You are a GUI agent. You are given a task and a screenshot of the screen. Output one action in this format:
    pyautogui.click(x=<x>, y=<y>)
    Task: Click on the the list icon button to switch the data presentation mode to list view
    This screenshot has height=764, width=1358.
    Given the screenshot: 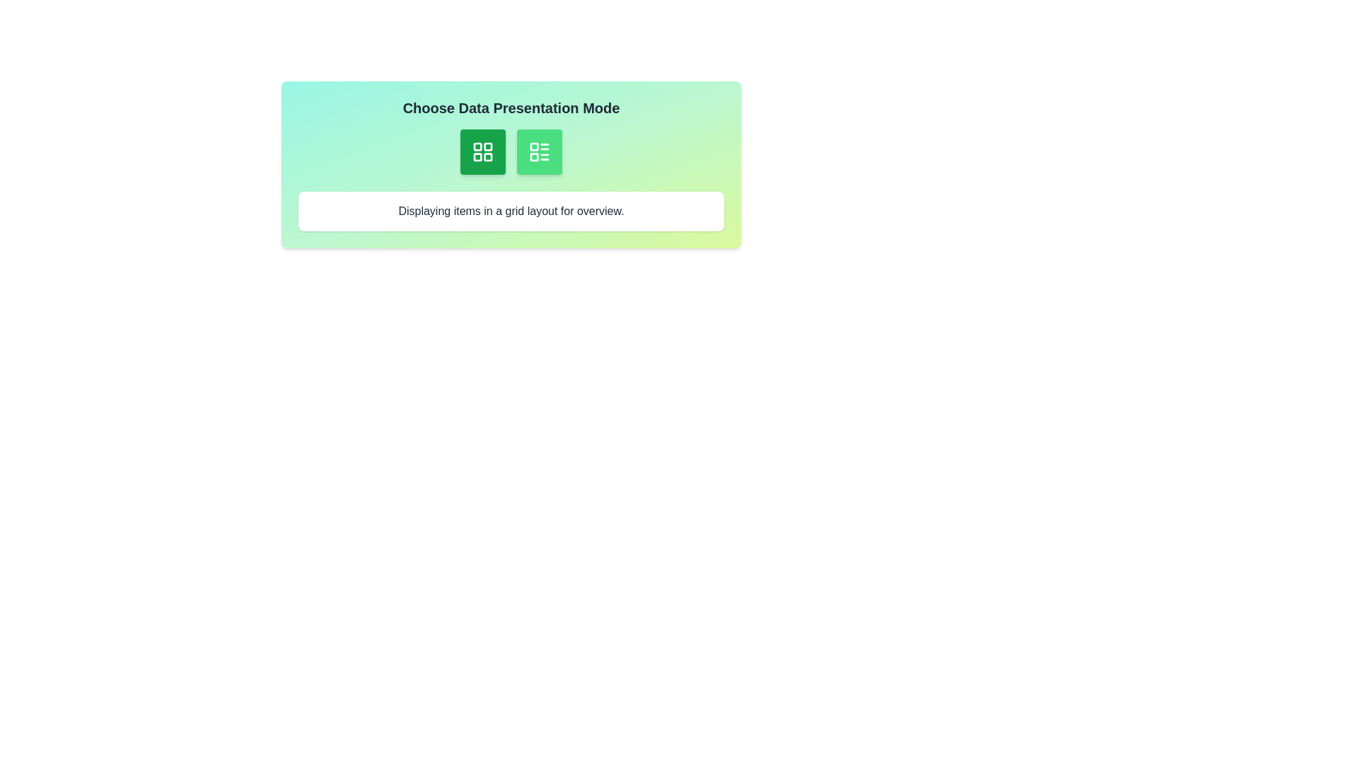 What is the action you would take?
    pyautogui.click(x=539, y=152)
    